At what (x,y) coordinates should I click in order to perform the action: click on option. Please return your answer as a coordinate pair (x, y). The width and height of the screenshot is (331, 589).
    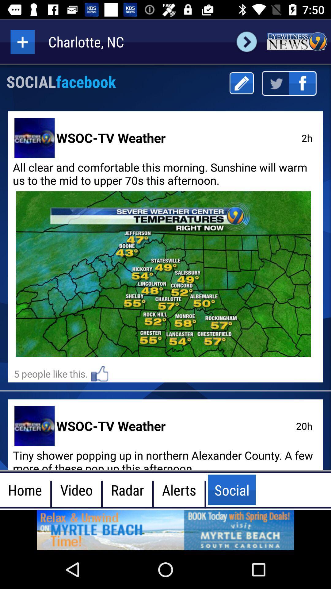
    Looking at the image, I should click on (22, 41).